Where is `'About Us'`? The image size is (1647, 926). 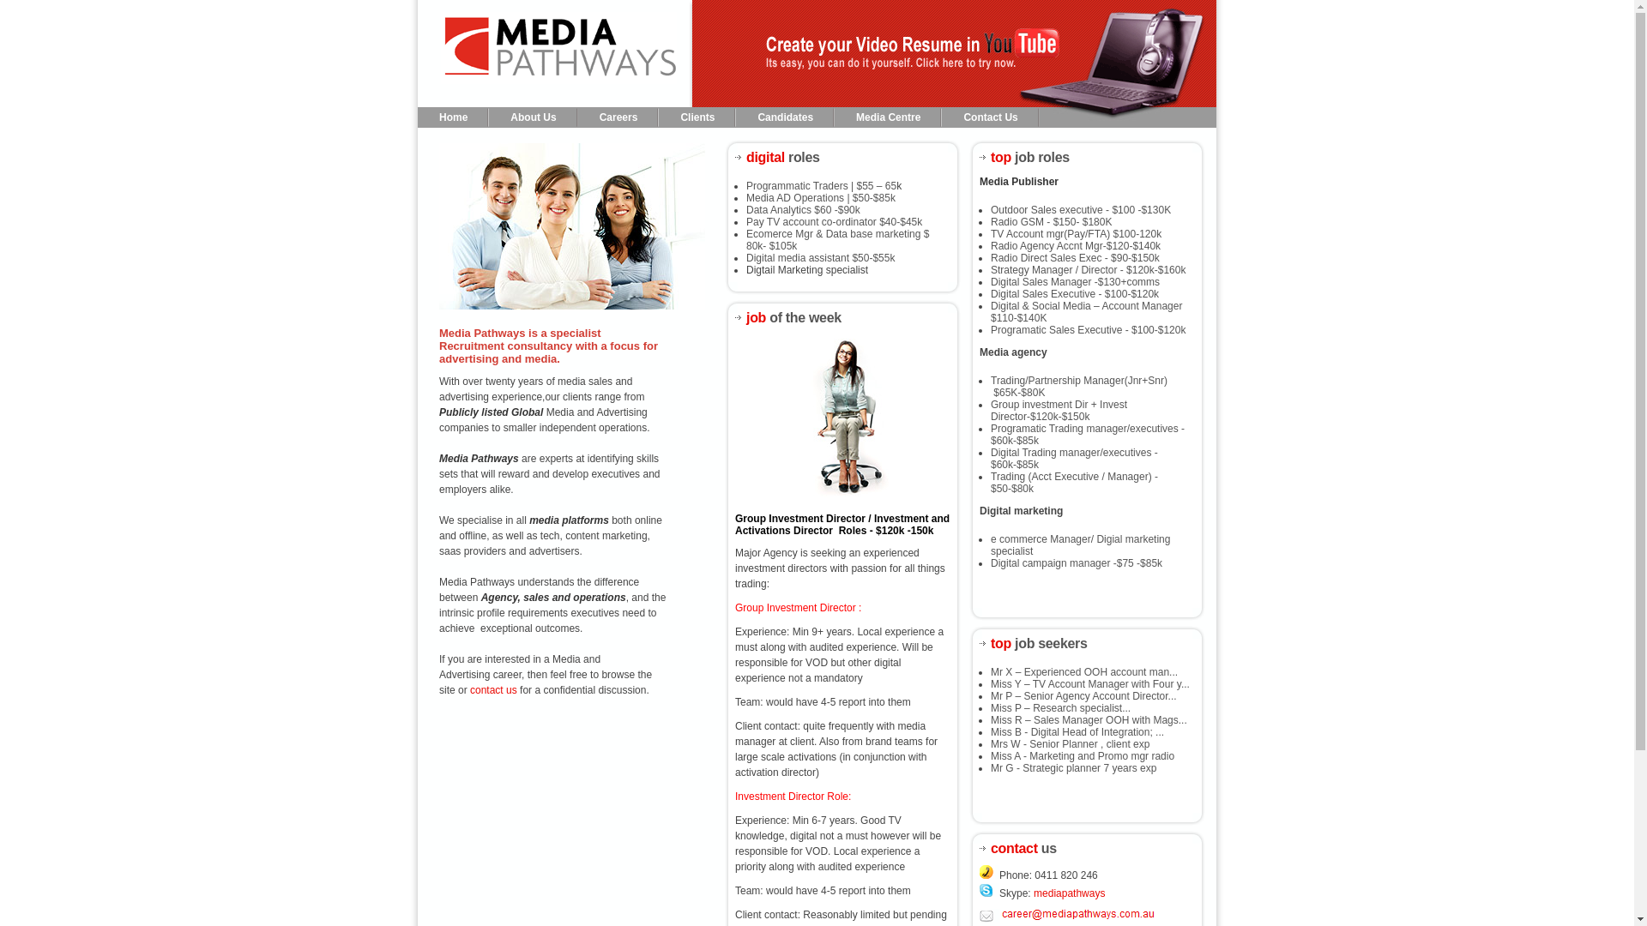 'About Us' is located at coordinates (532, 117).